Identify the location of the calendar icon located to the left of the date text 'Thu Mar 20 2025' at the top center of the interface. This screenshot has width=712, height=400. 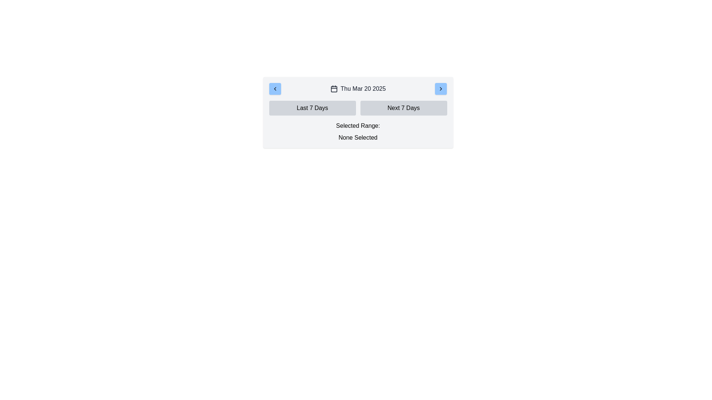
(333, 88).